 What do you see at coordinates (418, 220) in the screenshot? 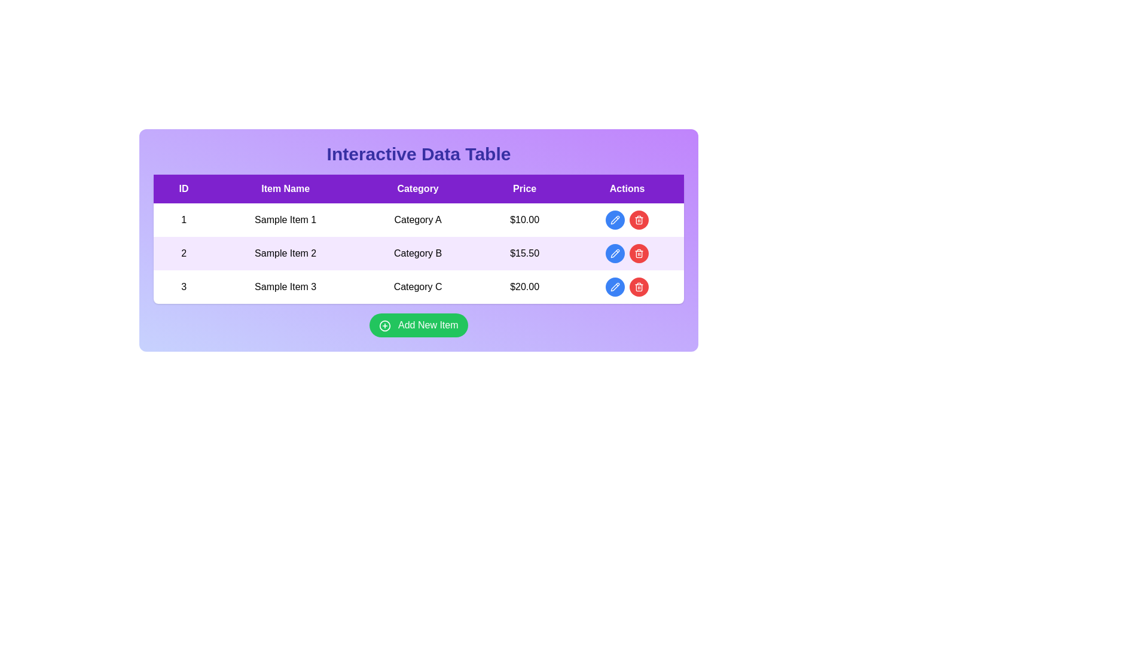
I see `the text label displaying 'Category A' in the first row of the data table, which is part of the 'Category' column` at bounding box center [418, 220].